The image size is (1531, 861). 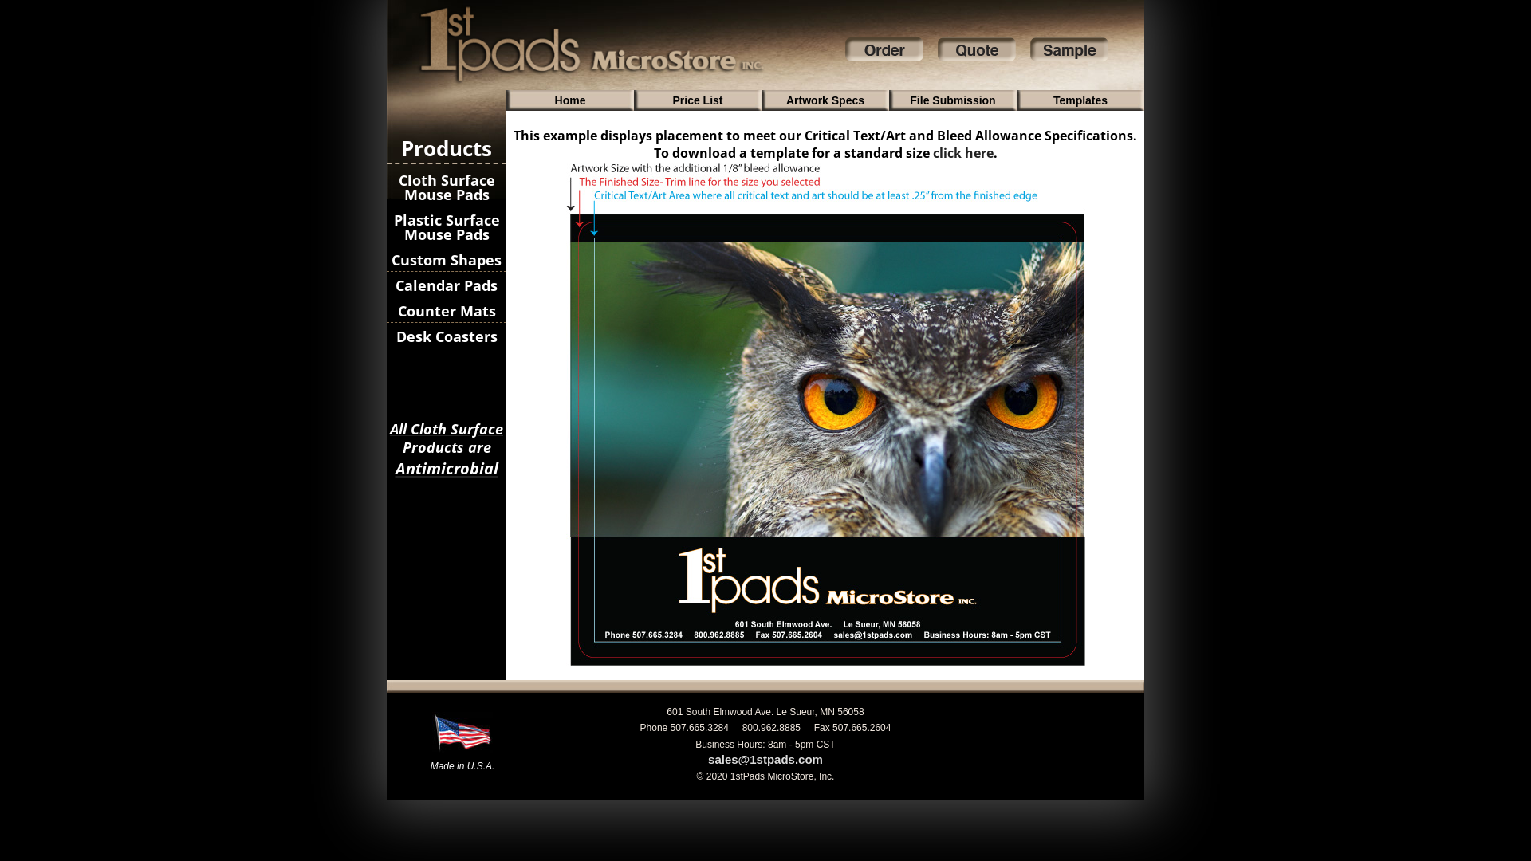 I want to click on 'click here', so click(x=962, y=153).